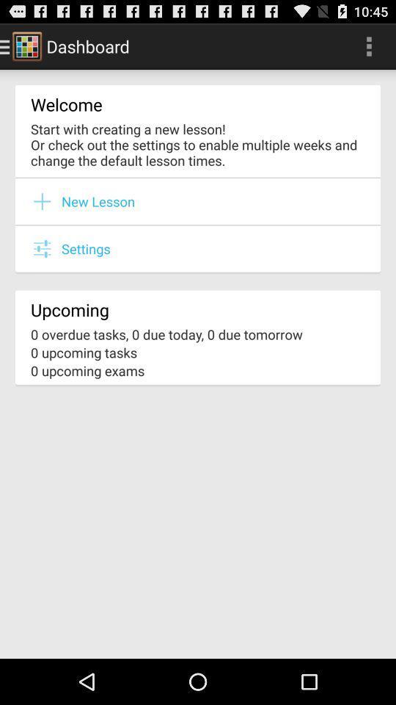  Describe the element at coordinates (198, 144) in the screenshot. I see `the start with creating` at that location.